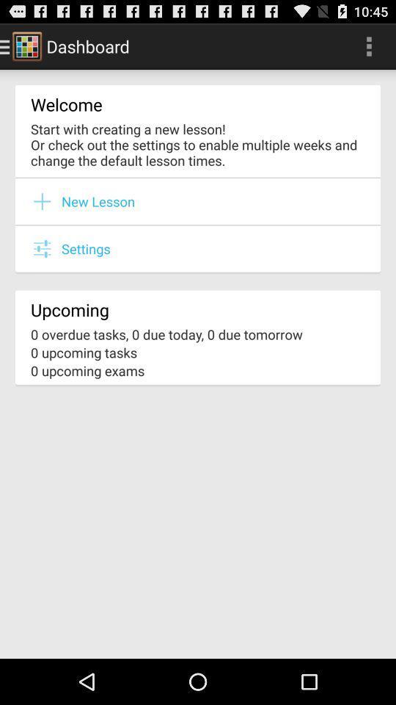  Describe the element at coordinates (198, 144) in the screenshot. I see `the start with creating` at that location.